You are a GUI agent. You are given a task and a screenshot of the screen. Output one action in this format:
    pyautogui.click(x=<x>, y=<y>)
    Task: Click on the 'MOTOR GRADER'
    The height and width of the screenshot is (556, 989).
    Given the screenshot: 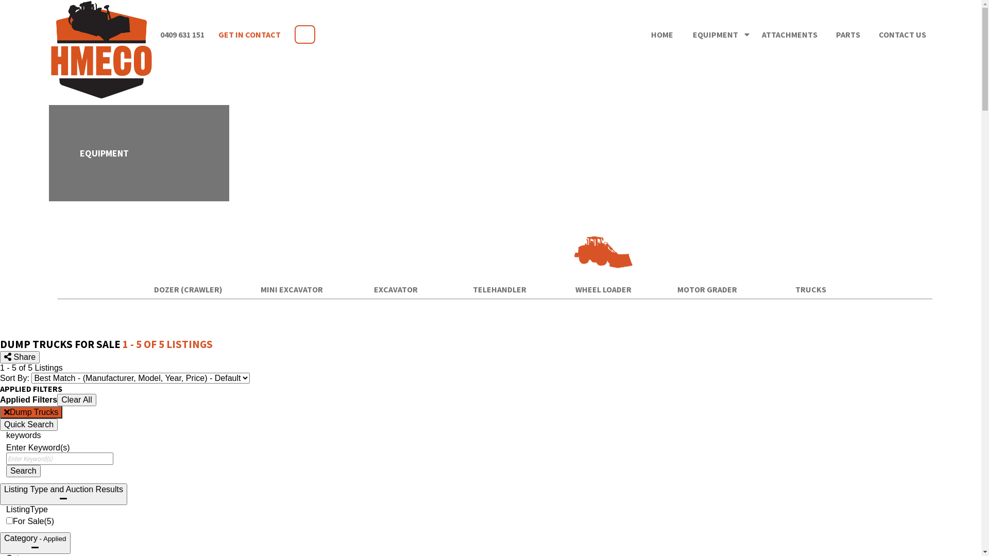 What is the action you would take?
    pyautogui.click(x=706, y=289)
    